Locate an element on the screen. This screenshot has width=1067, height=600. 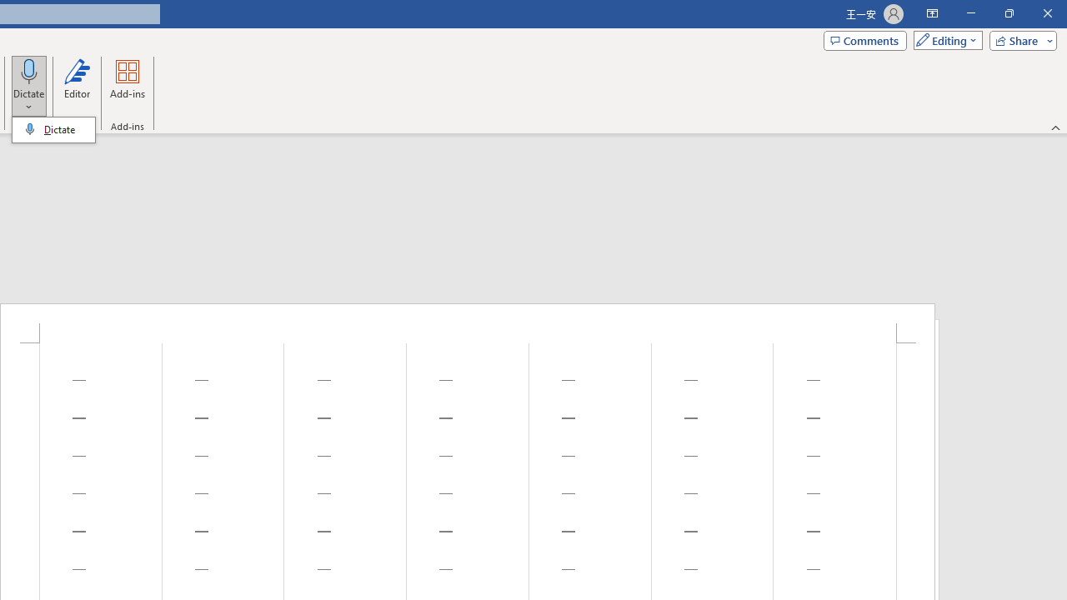
'&Dictate' is located at coordinates (53, 128).